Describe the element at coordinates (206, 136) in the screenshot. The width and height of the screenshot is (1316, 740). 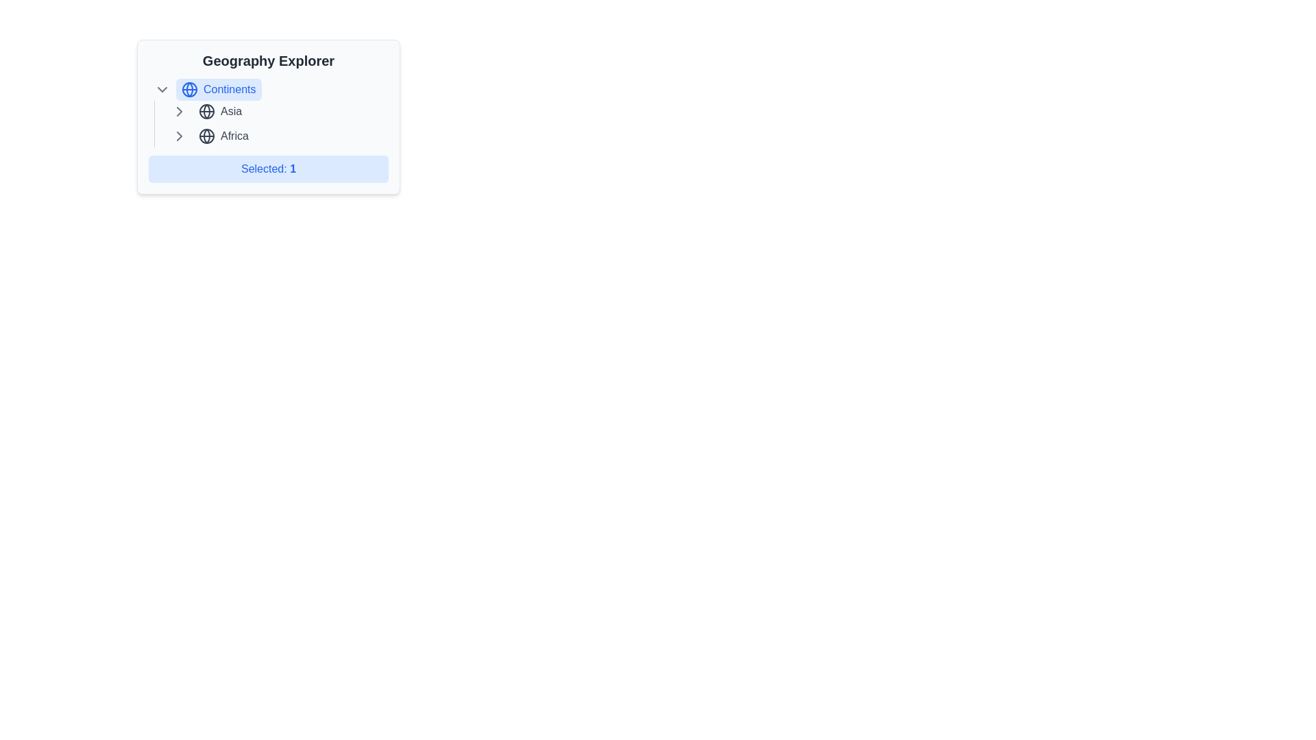
I see `the globe icon located to the left of the text 'Africa'` at that location.